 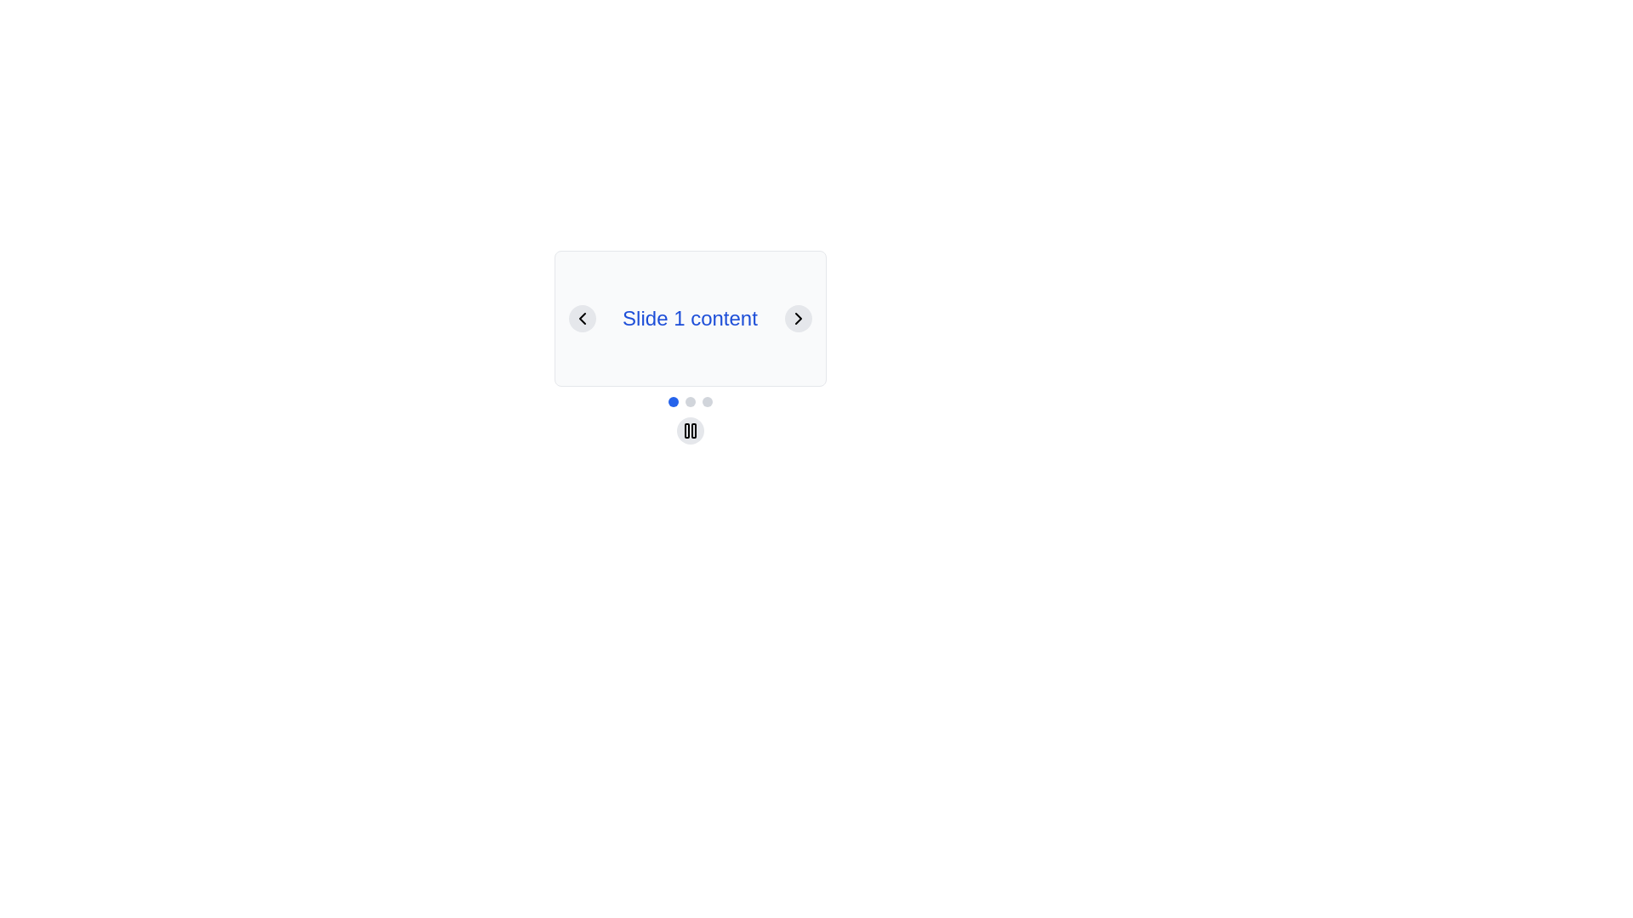 I want to click on the circular button with a light gray background and a black pause symbol, so click(x=690, y=429).